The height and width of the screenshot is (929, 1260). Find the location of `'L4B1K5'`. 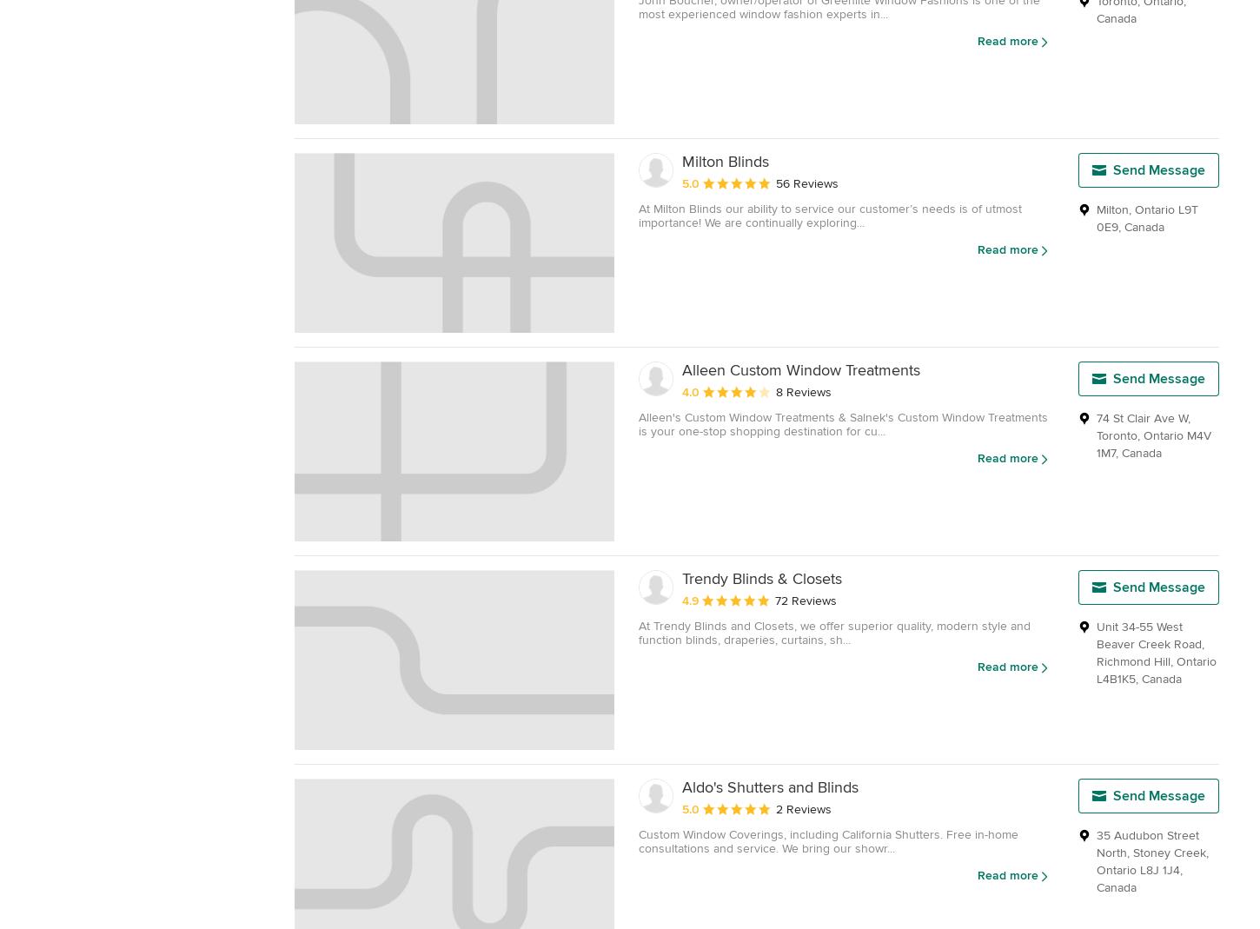

'L4B1K5' is located at coordinates (1096, 679).